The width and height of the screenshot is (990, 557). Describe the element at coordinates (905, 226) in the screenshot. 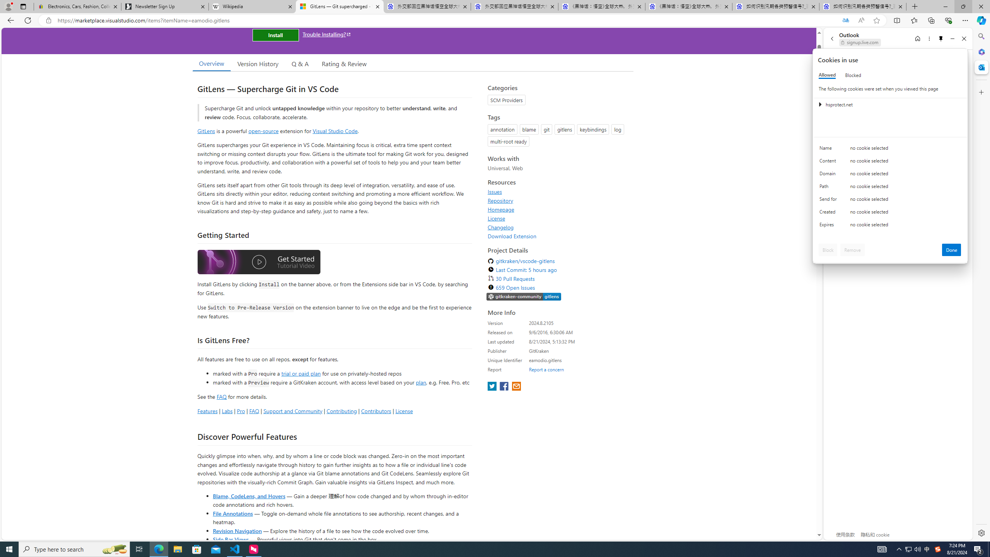

I see `'no cookie selected'` at that location.